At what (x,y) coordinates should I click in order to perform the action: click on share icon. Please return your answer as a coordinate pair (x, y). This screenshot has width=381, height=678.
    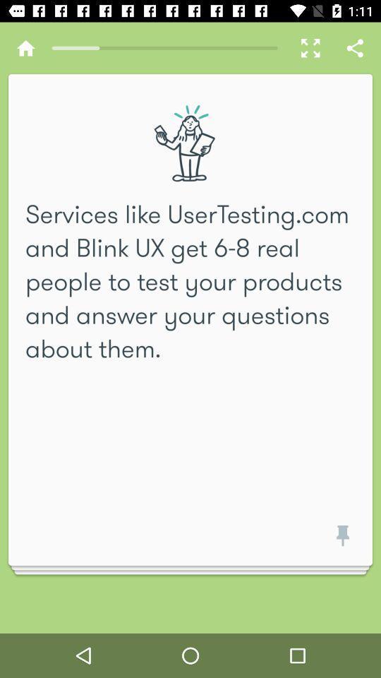
    Looking at the image, I should click on (354, 48).